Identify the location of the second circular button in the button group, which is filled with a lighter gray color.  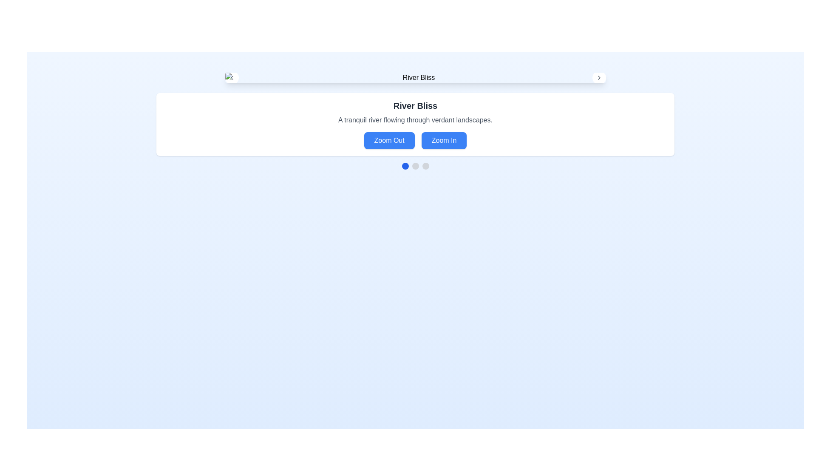
(415, 166).